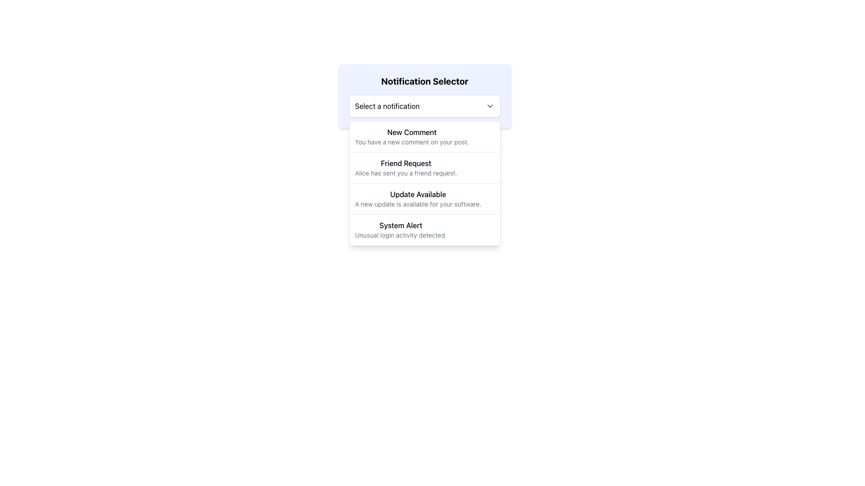 The image size is (865, 486). I want to click on text label that serves as the notification title within the 'Select a notification' dropdown menu of the 'Notification Selector' module, so click(411, 132).